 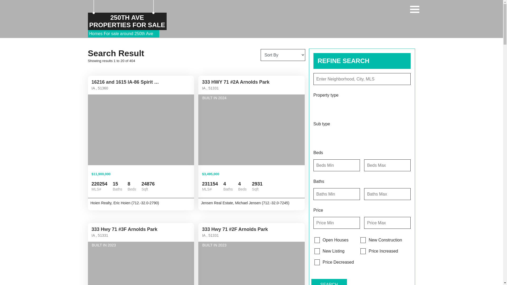 I want to click on 'BUILT IN 2024', so click(x=251, y=130).